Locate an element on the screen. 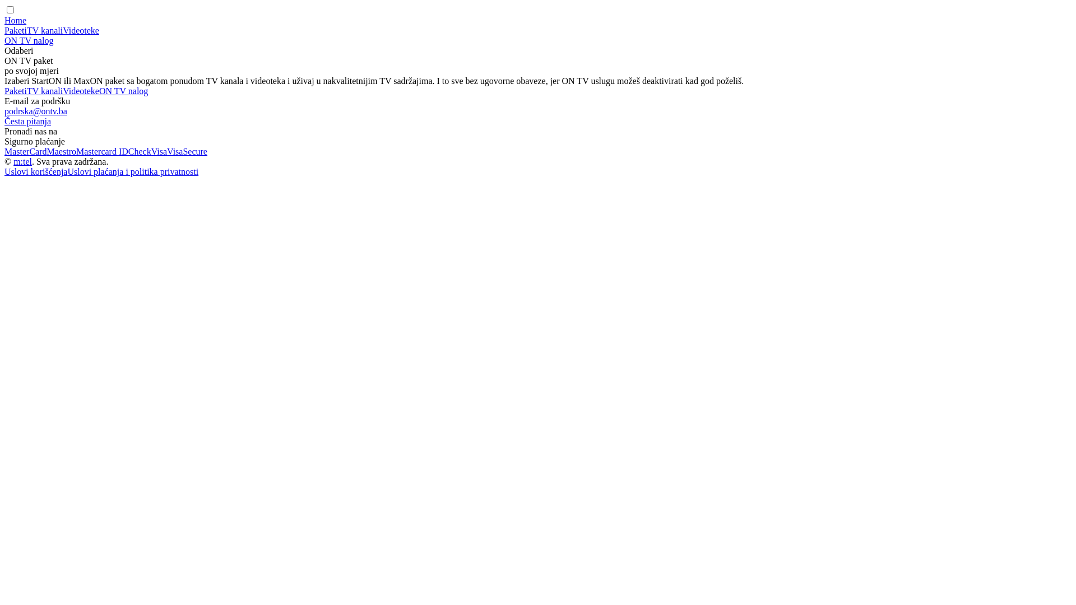 Image resolution: width=1076 pixels, height=605 pixels. 'Mastercard IDCheck' is located at coordinates (113, 151).